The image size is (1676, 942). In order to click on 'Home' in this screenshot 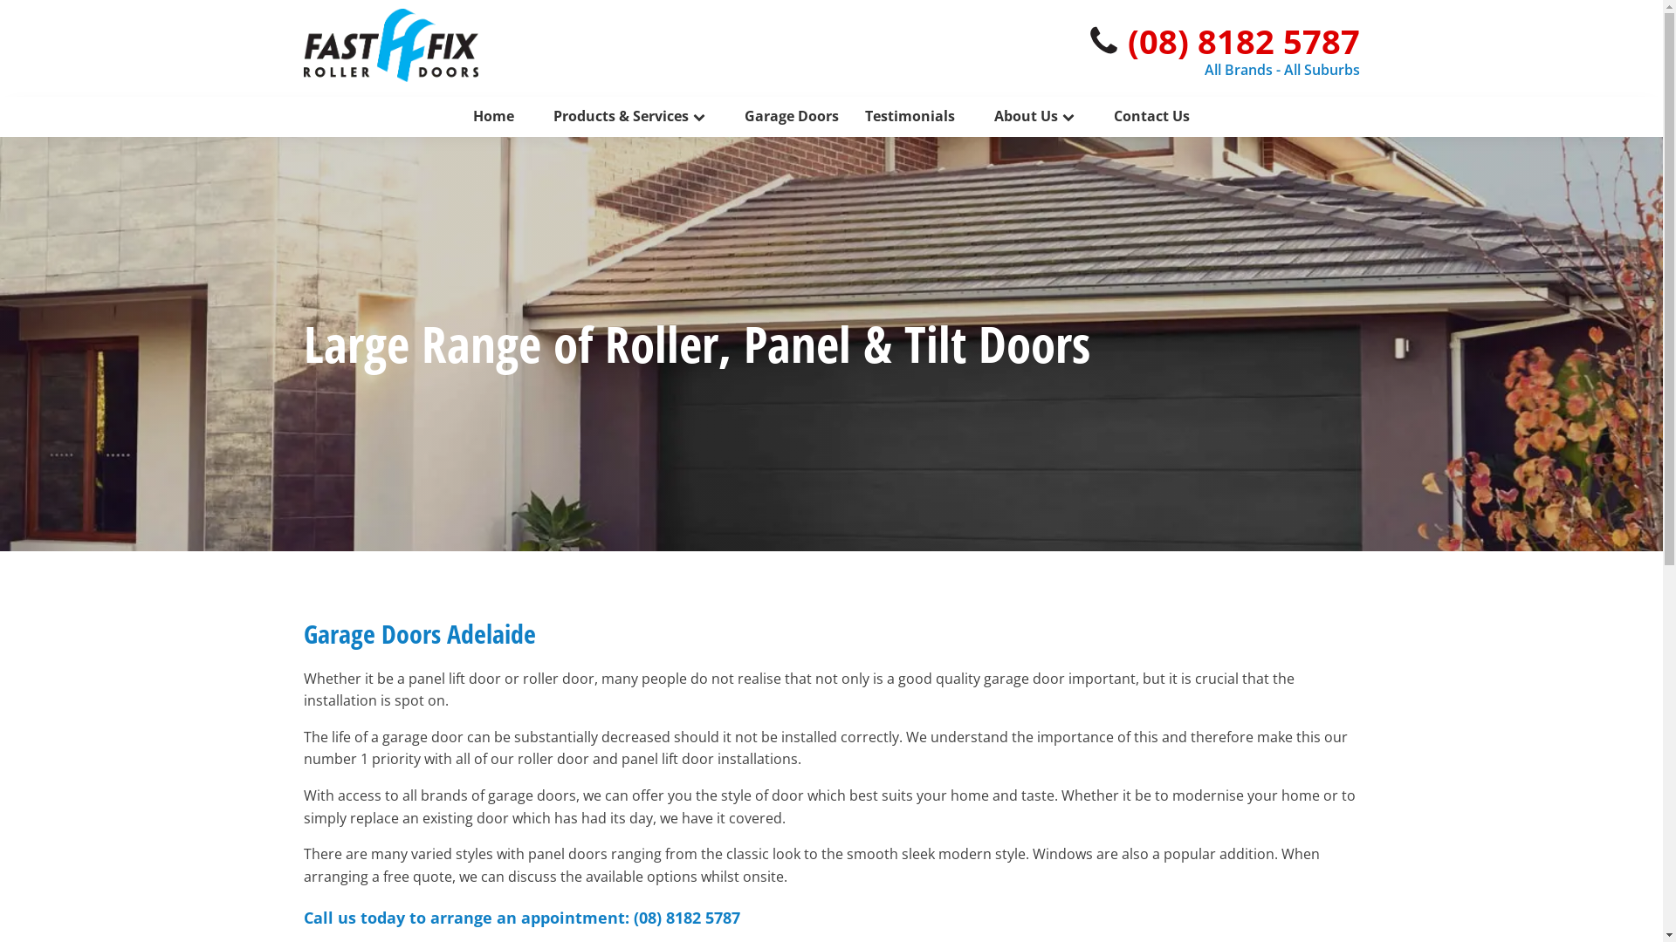, I will do `click(492, 117)`.